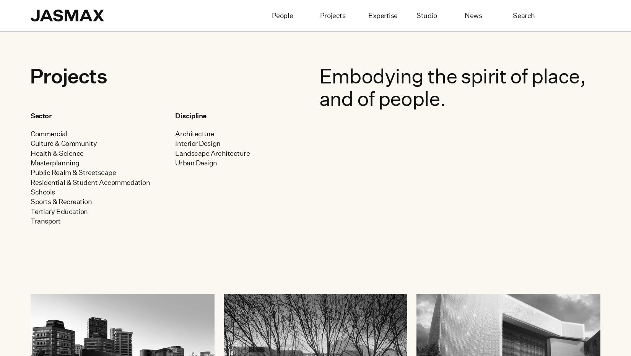 Image resolution: width=631 pixels, height=356 pixels. Describe the element at coordinates (61, 201) in the screenshot. I see `'Sports & Recreation'` at that location.